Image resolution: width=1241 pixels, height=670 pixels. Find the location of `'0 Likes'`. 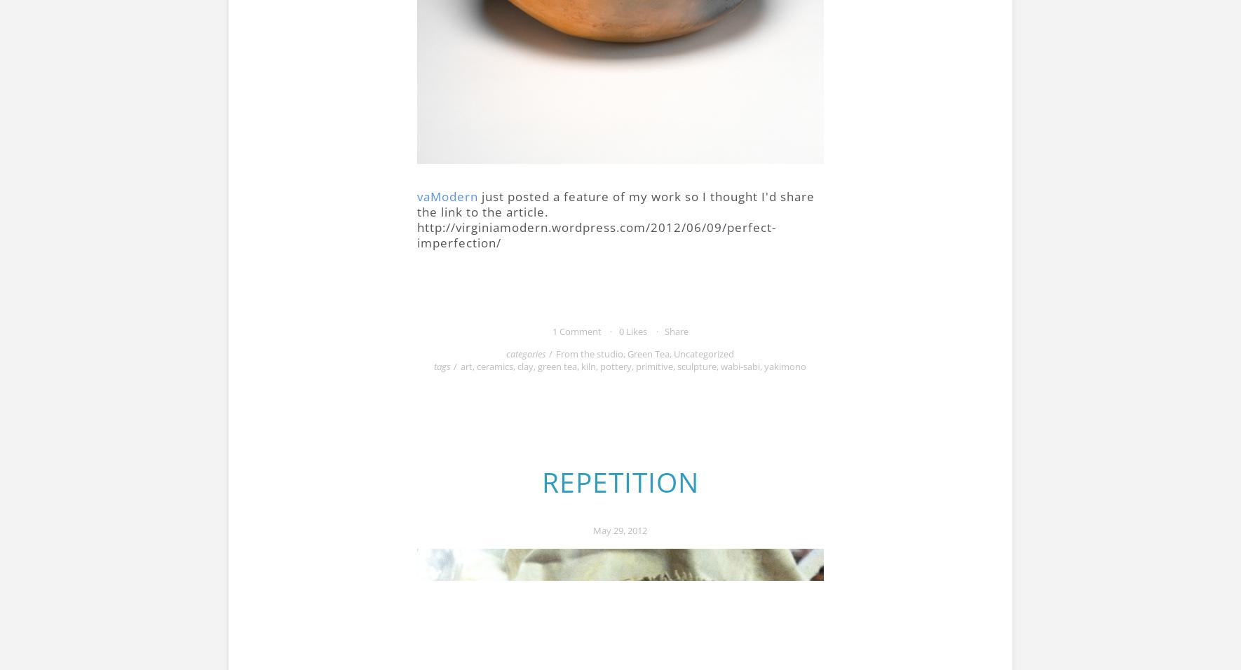

'0 Likes' is located at coordinates (631, 330).